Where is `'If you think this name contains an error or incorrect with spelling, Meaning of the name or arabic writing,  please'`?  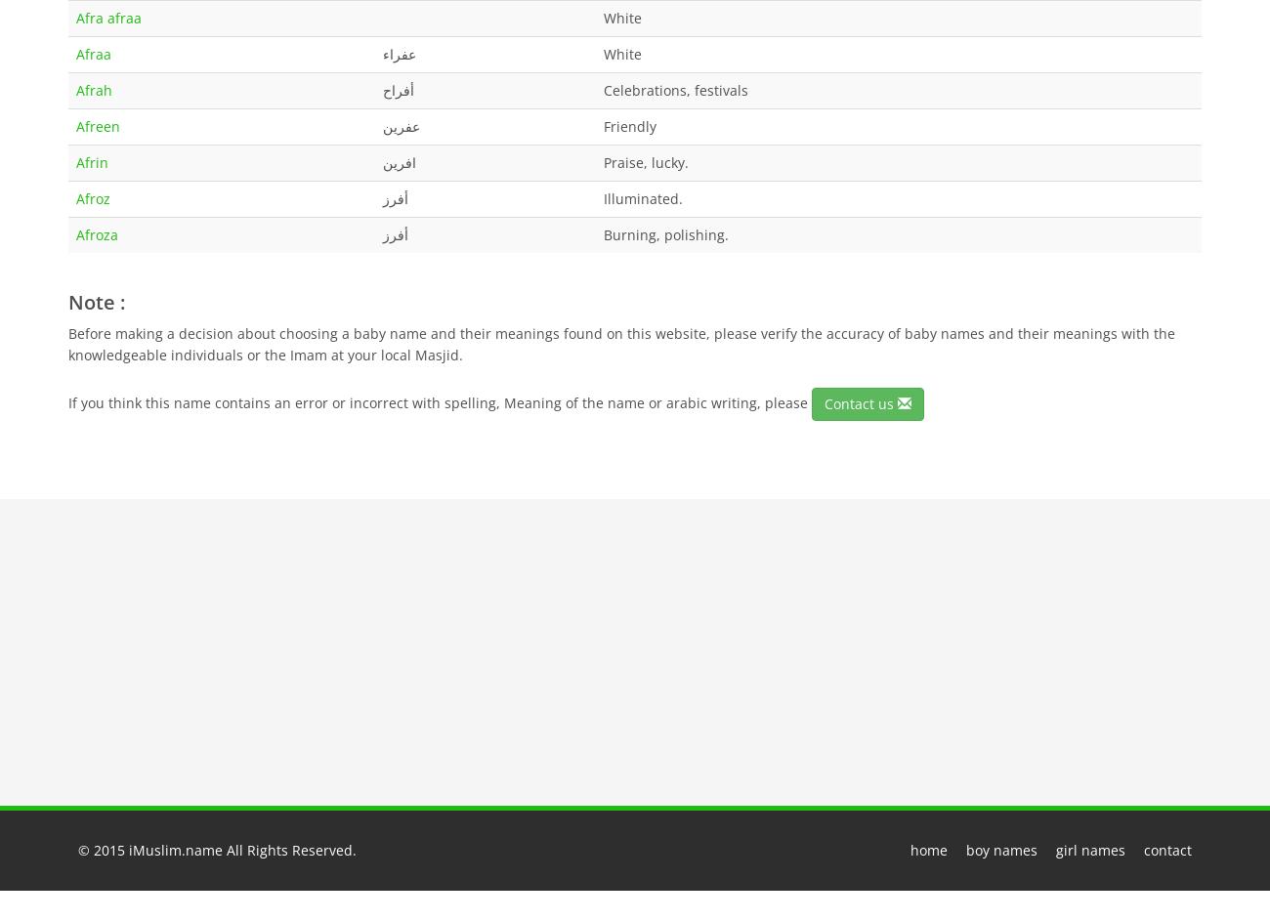
'If you think this name contains an error or incorrect with spelling, Meaning of the name or arabic writing,  please' is located at coordinates (439, 400).